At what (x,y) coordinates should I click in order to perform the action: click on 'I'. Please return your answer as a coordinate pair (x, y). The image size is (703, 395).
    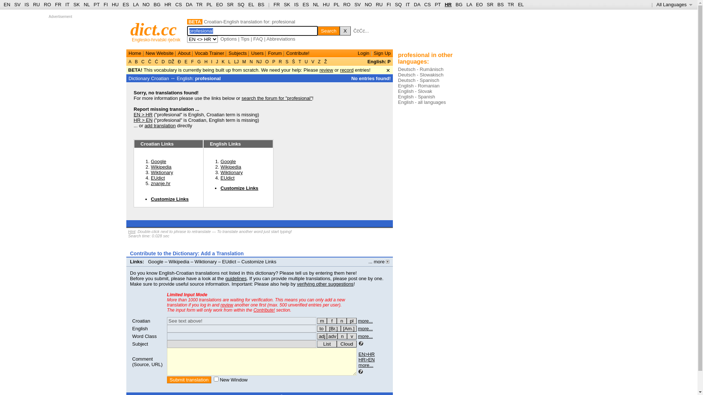
    Looking at the image, I should click on (211, 61).